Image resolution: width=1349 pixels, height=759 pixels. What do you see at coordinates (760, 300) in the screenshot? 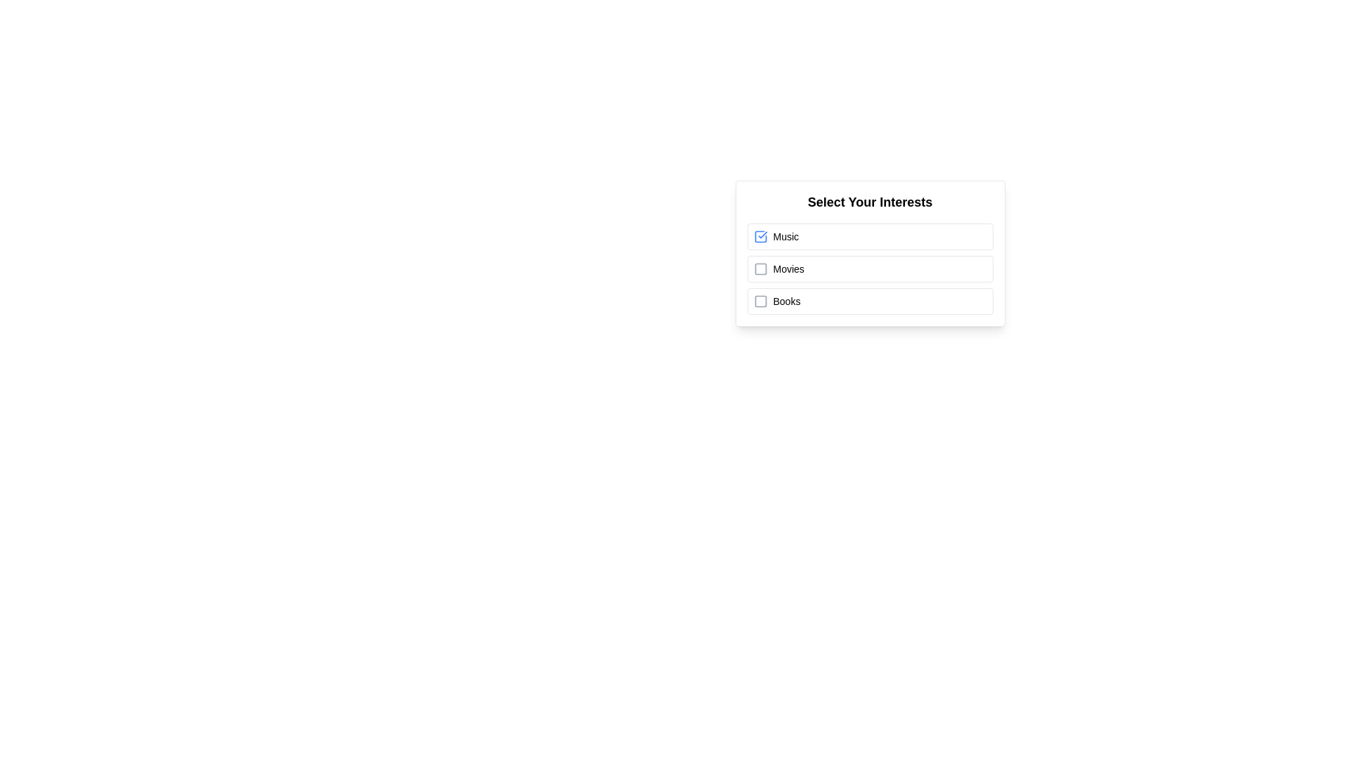
I see `the checkbox located to the left of the 'Books' label, which is a square icon with rounded corners and a visible border` at bounding box center [760, 300].